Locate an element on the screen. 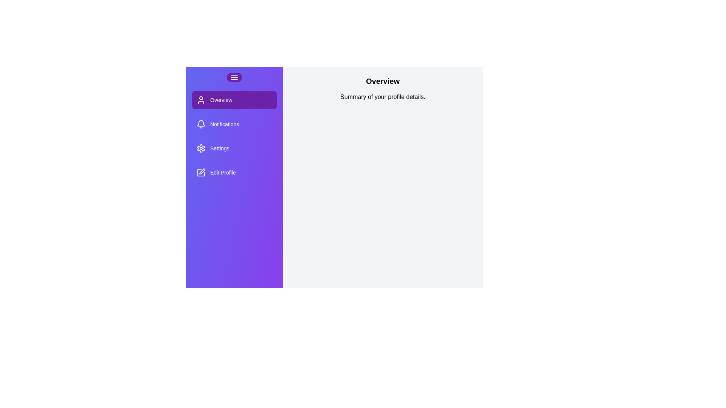  the Edit Profile section from the menu is located at coordinates (234, 172).